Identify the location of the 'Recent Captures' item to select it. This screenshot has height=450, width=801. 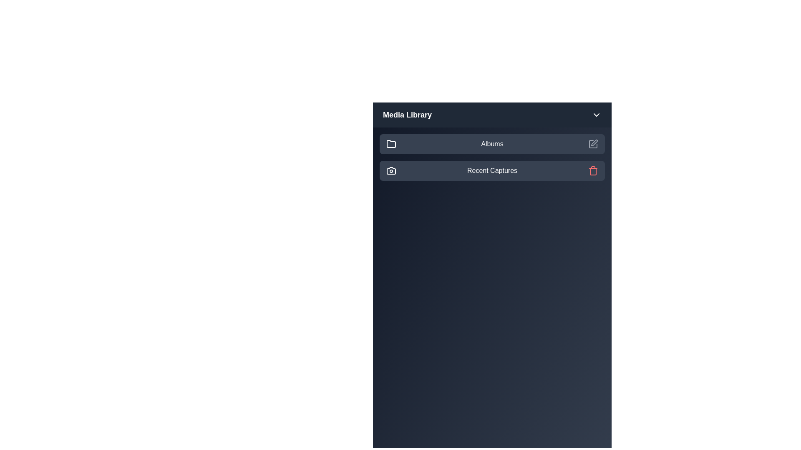
(492, 170).